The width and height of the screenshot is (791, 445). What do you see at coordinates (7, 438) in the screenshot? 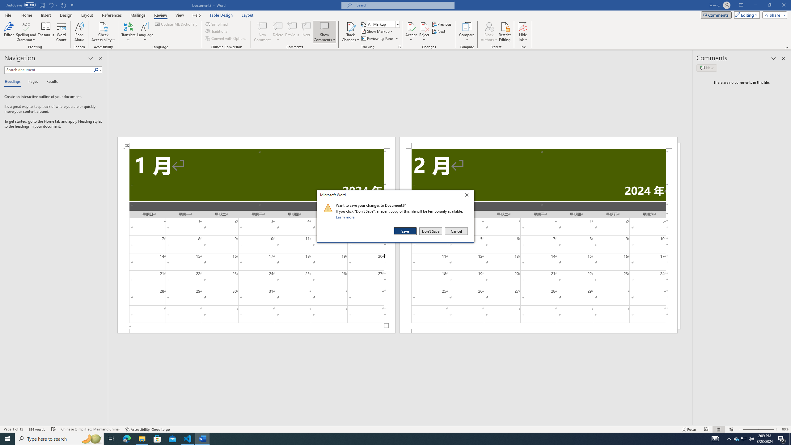
I see `'Start'` at bounding box center [7, 438].